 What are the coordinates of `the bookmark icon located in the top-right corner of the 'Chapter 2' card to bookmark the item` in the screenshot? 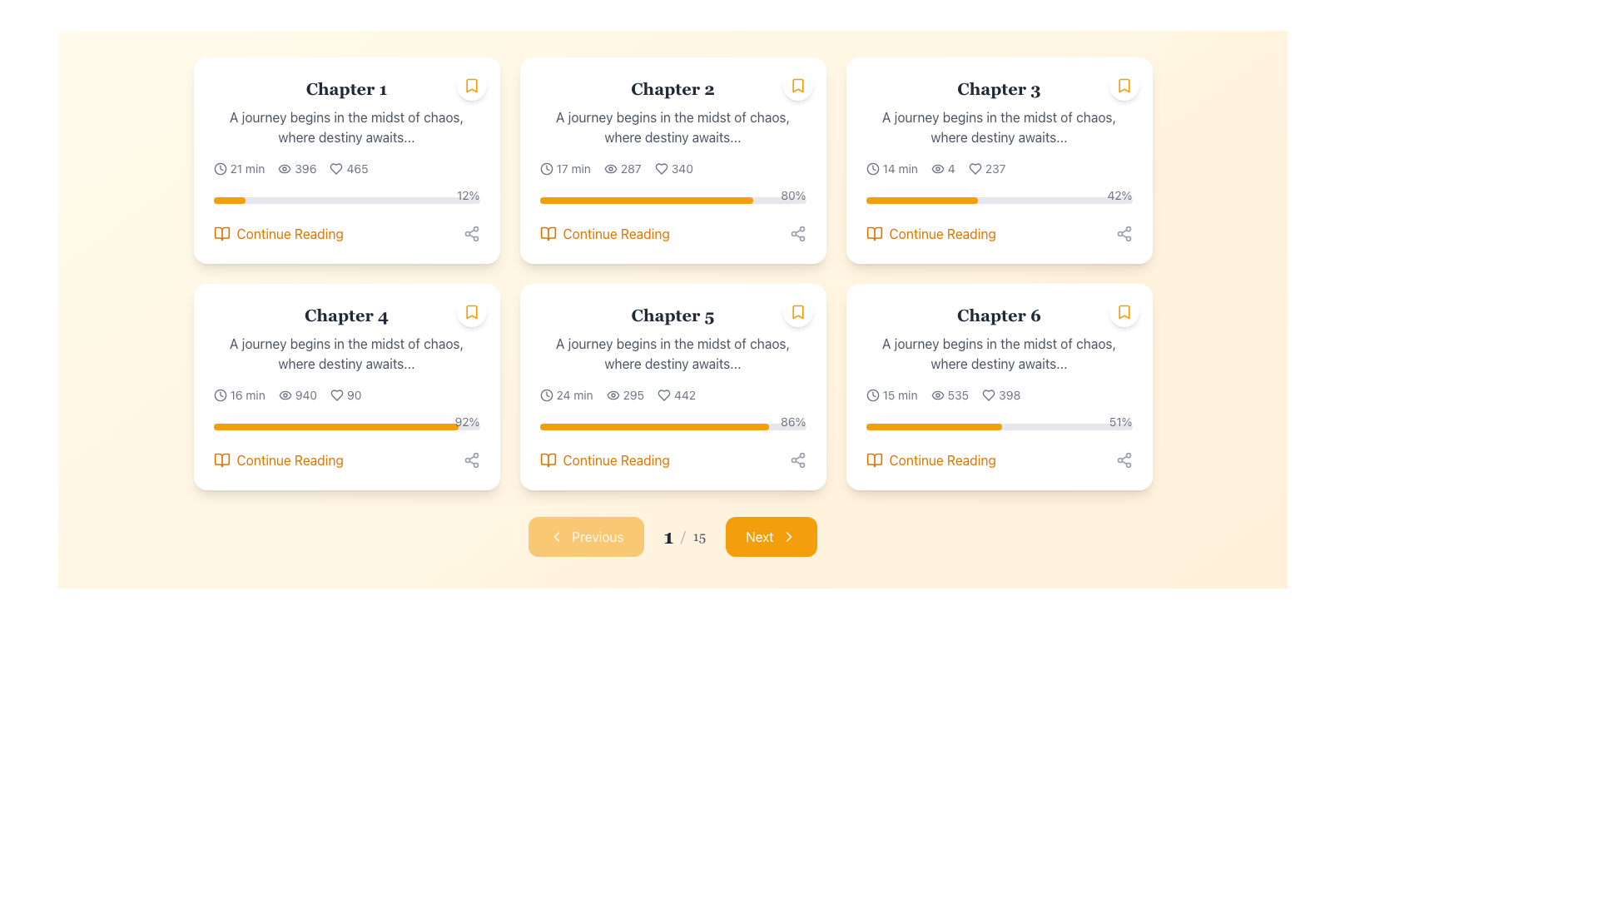 It's located at (797, 86).